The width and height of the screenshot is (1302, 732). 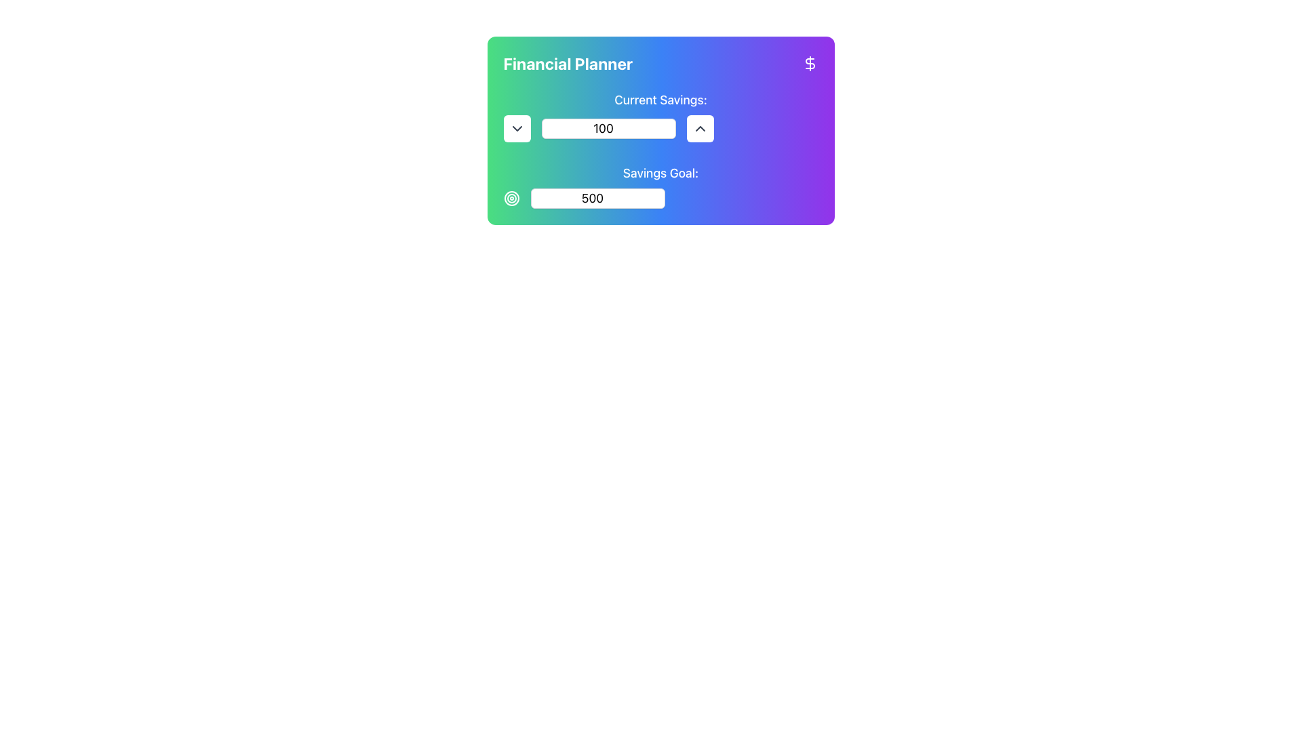 I want to click on the rectangular text input box displaying the numeric value '100' to focus on the input field, so click(x=608, y=128).